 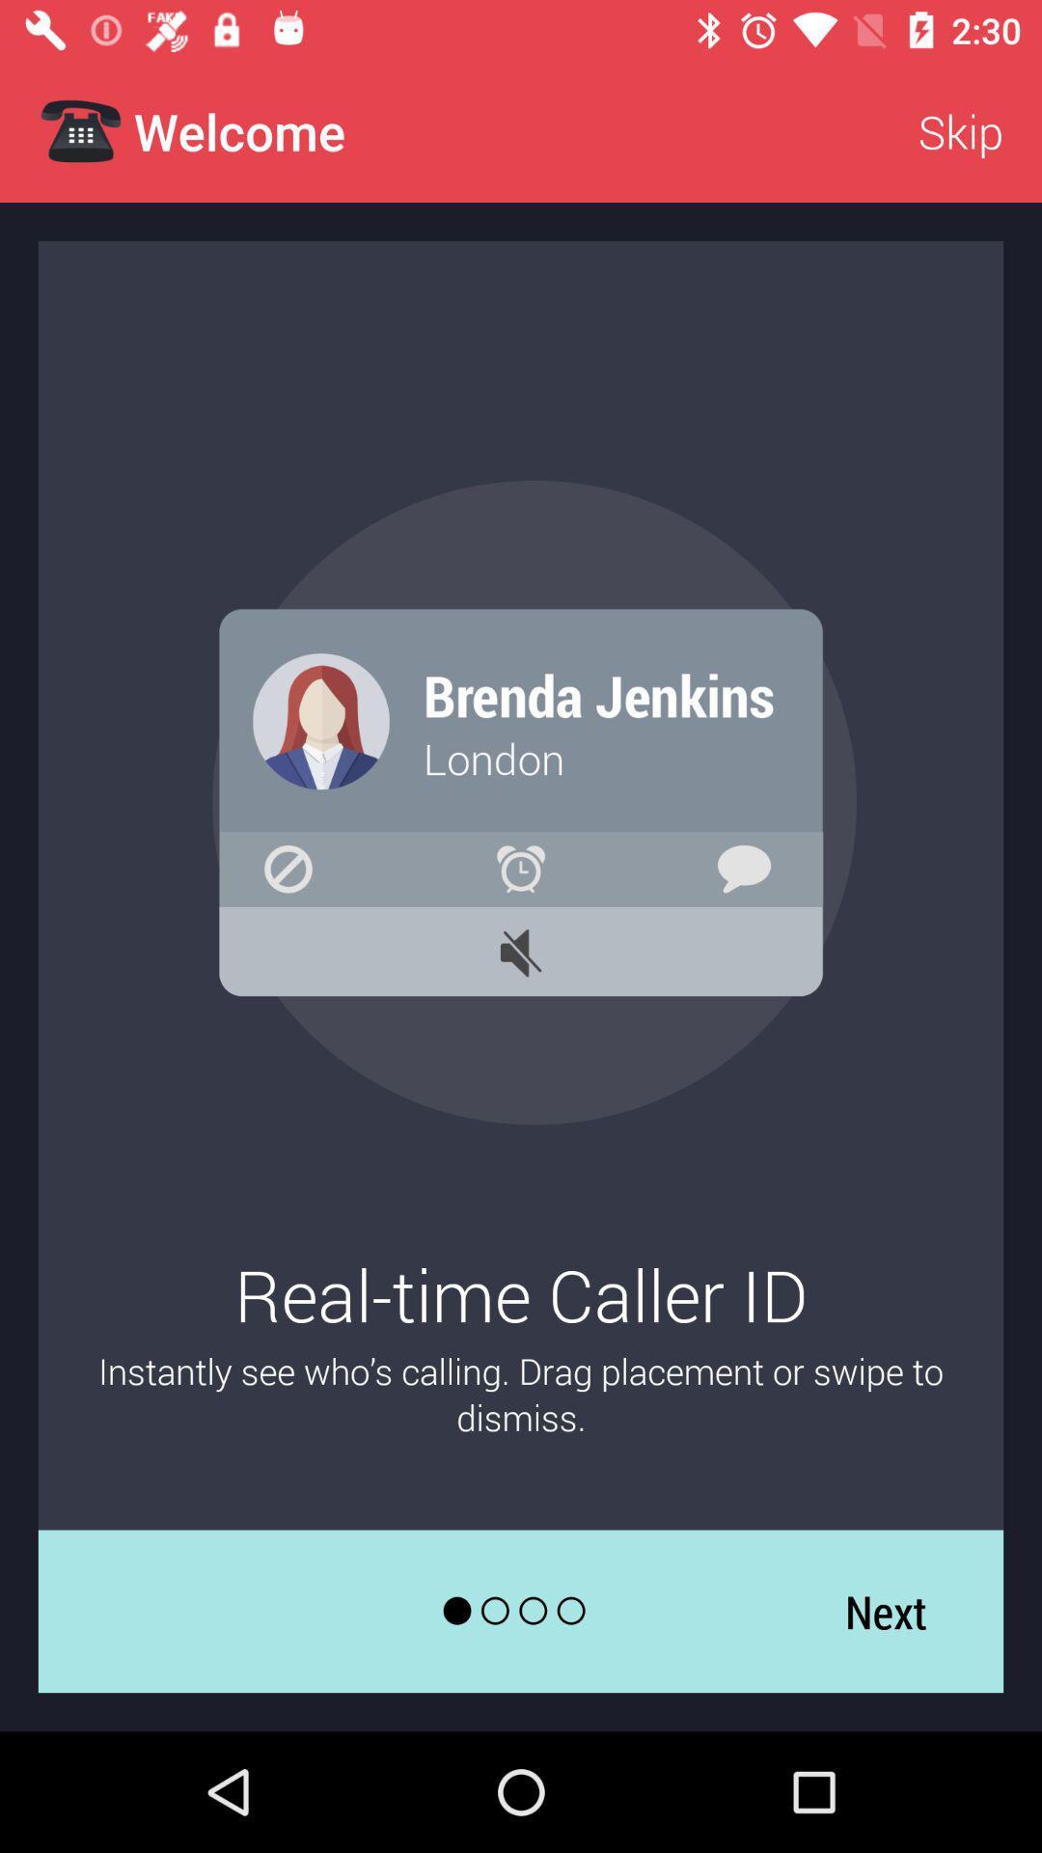 I want to click on app next to the  welcome app, so click(x=960, y=130).